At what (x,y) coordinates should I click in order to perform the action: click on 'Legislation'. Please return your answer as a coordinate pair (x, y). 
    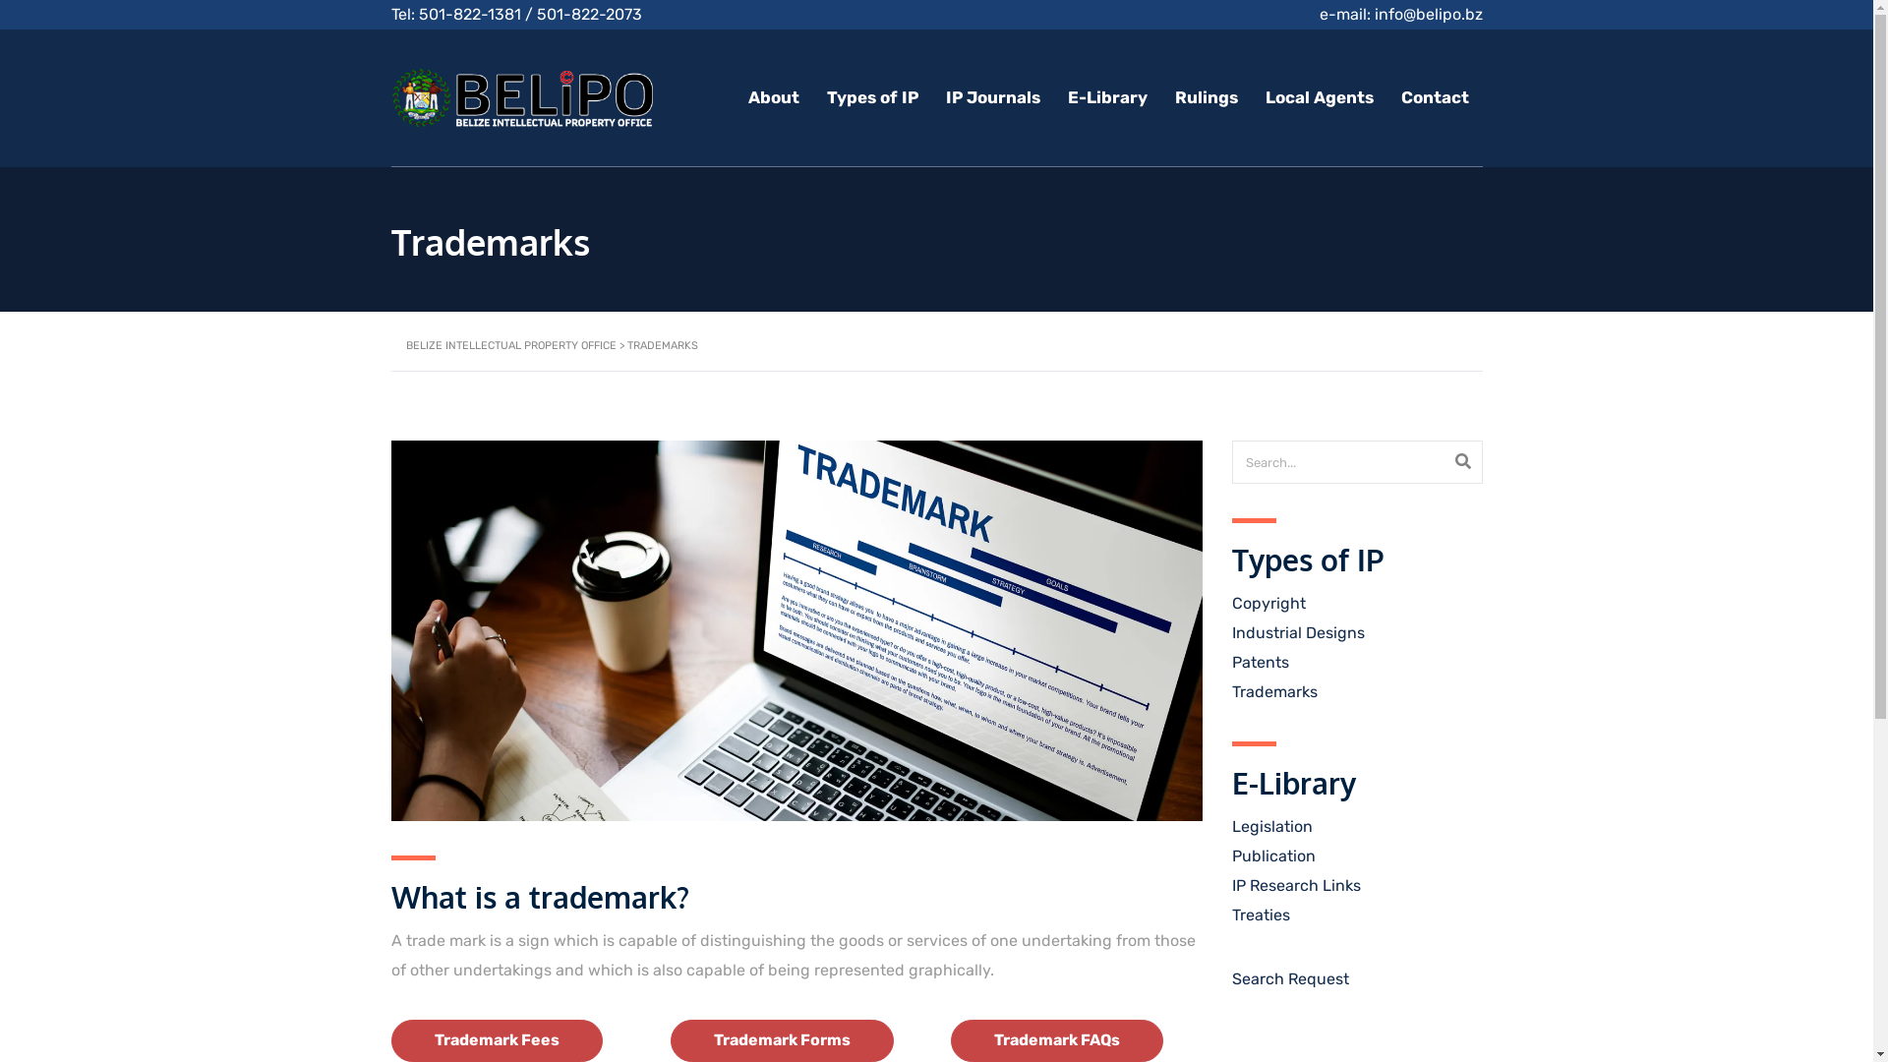
    Looking at the image, I should click on (1270, 826).